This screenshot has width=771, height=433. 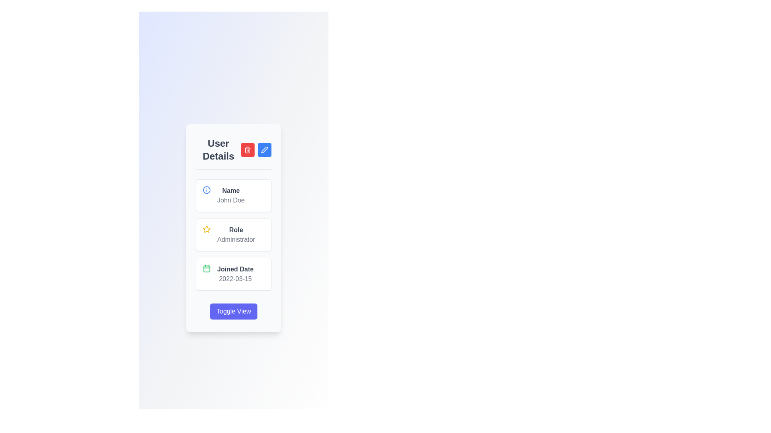 I want to click on the 'Toggle View' button, which is a rectangular button with a vivid purple background and white centered text, located at the bottom of the user details panel, so click(x=233, y=310).